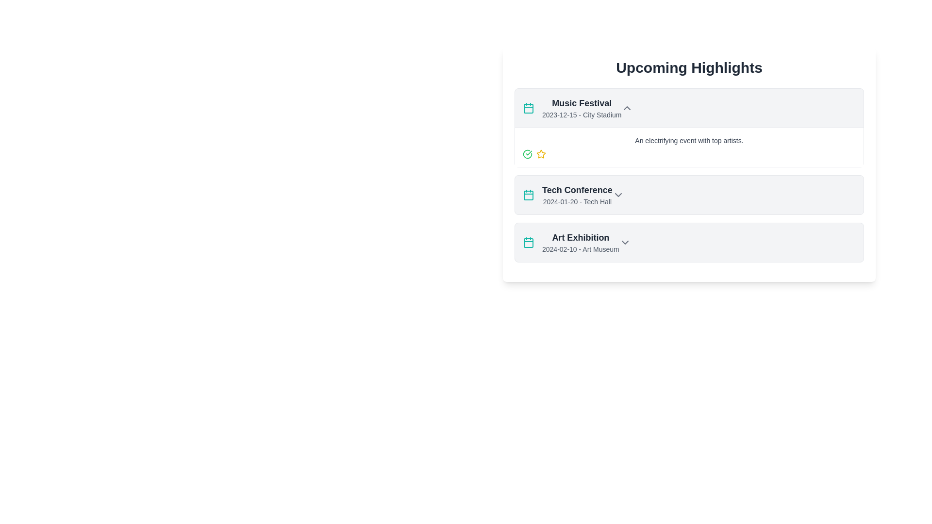 Image resolution: width=932 pixels, height=524 pixels. I want to click on the teal calendar icon located to the left of the 'Tech Conference' text in the second event item of the 'Upcoming Highlights' list, so click(528, 195).